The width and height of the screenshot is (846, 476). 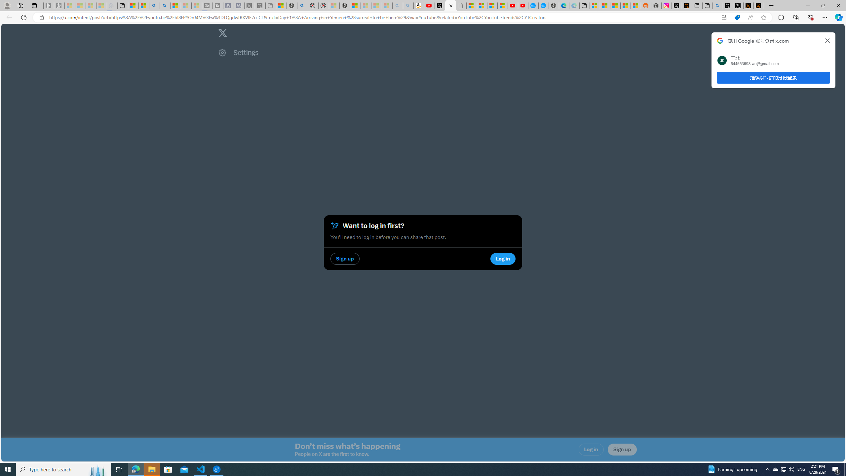 I want to click on 'Shanghai, China Weather trends | Microsoft Weather', so click(x=635, y=5).